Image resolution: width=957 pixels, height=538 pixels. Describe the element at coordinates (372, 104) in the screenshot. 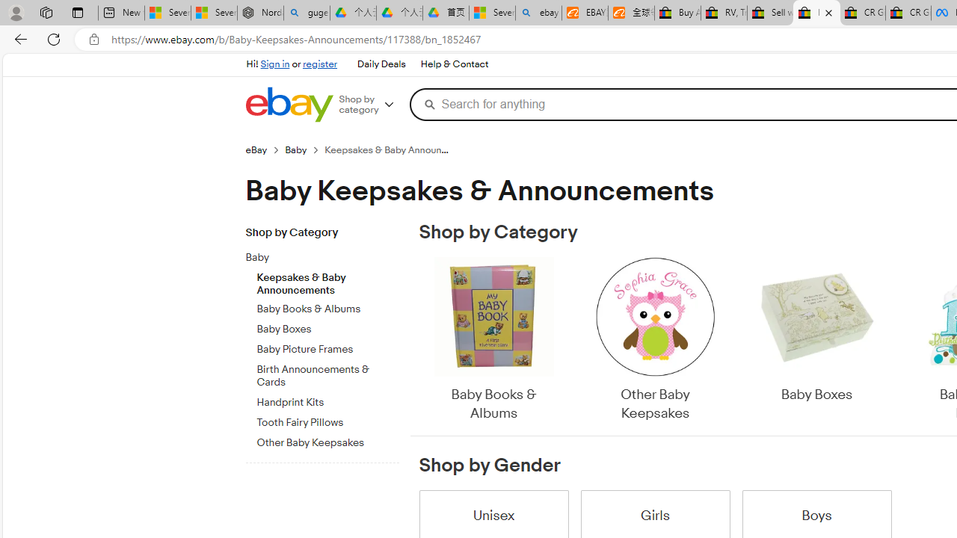

I see `'Shop by category'` at that location.